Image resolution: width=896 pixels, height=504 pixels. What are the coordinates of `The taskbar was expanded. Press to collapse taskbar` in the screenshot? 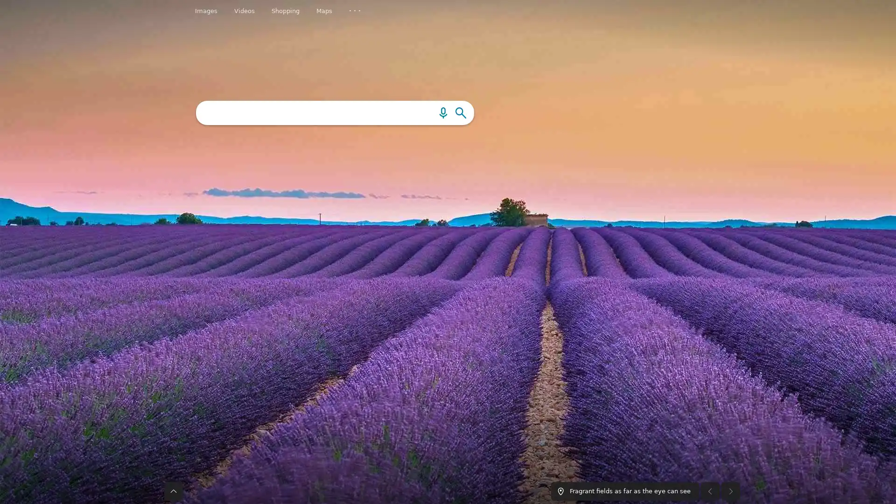 It's located at (173, 334).